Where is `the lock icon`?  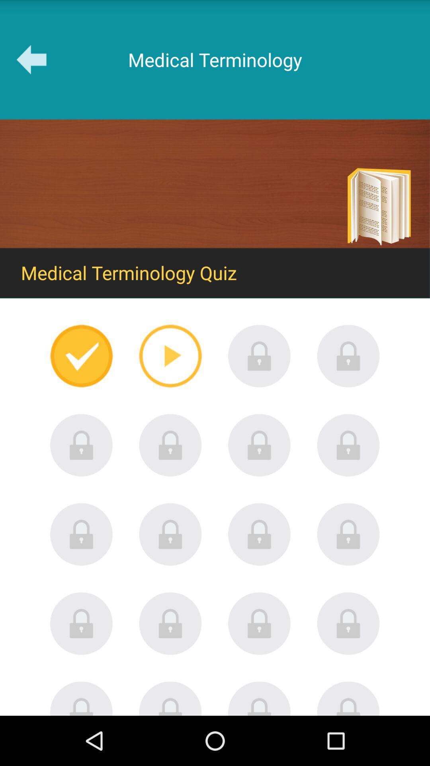
the lock icon is located at coordinates (348, 381).